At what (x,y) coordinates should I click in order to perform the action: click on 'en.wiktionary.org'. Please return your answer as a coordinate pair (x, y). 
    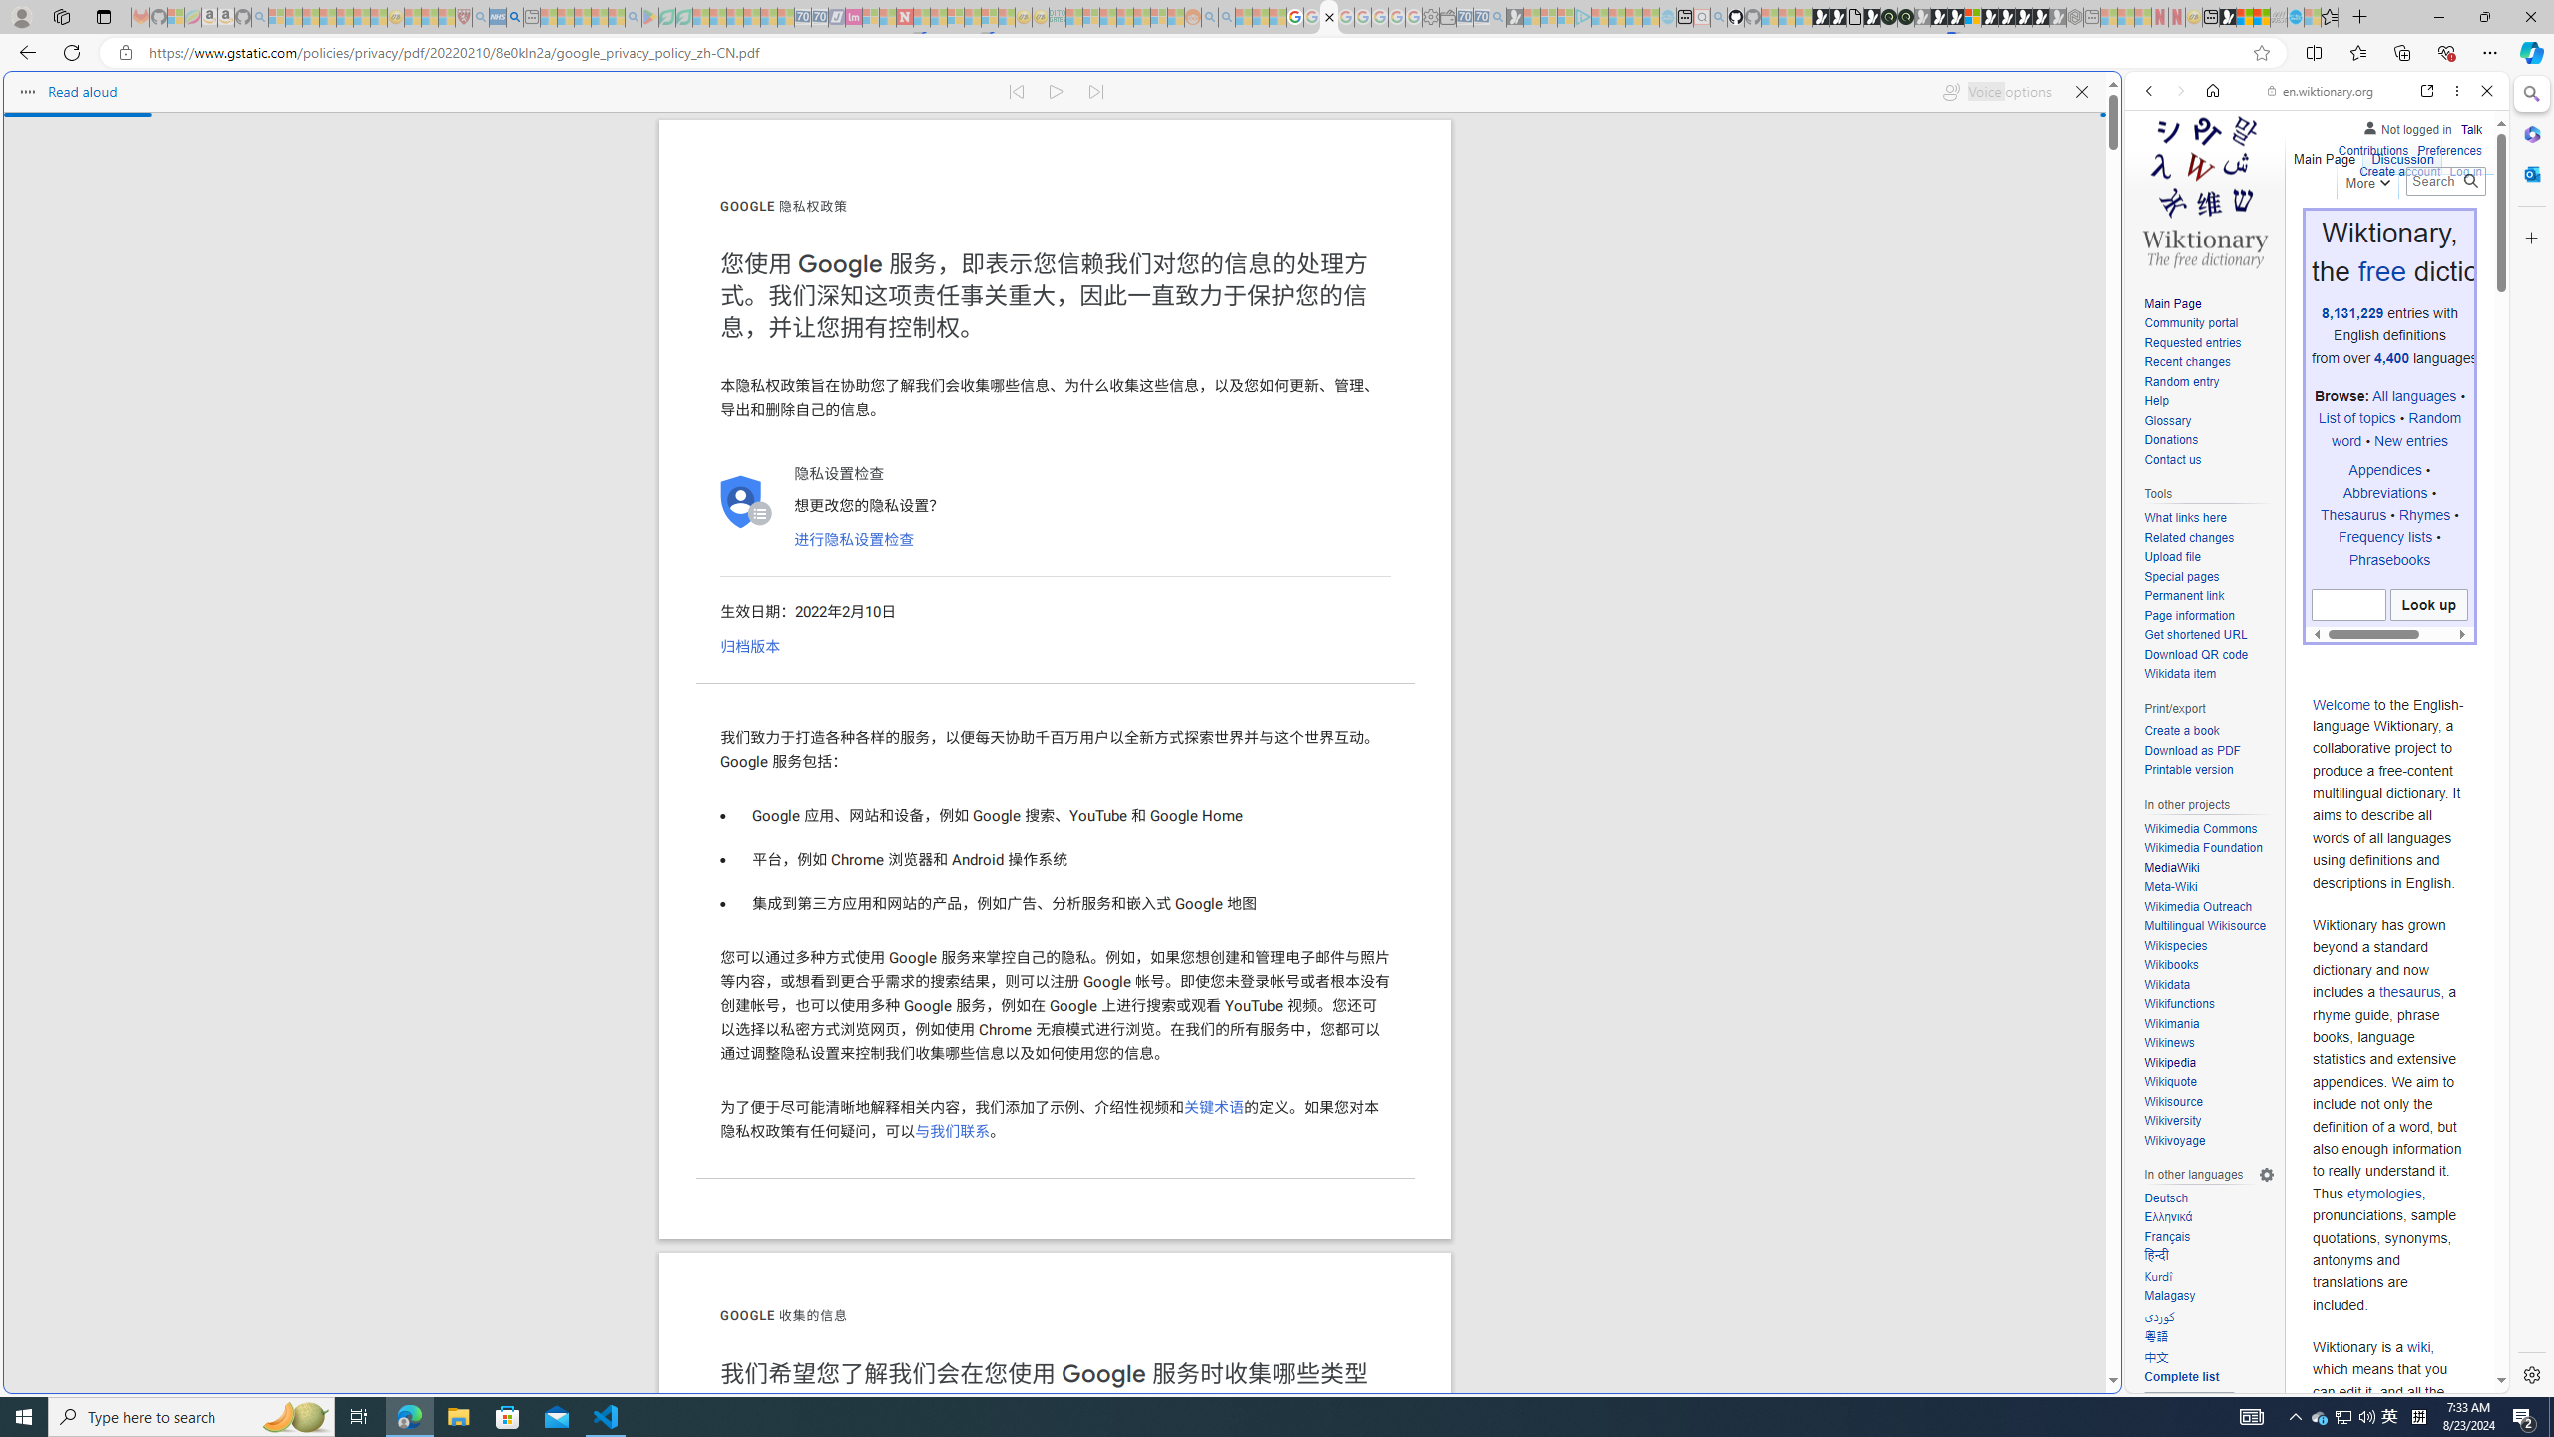
    Looking at the image, I should click on (2322, 91).